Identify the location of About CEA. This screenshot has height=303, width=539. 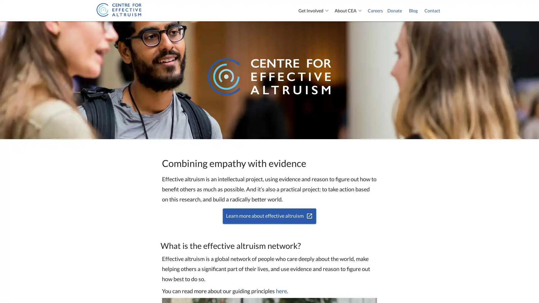
(349, 11).